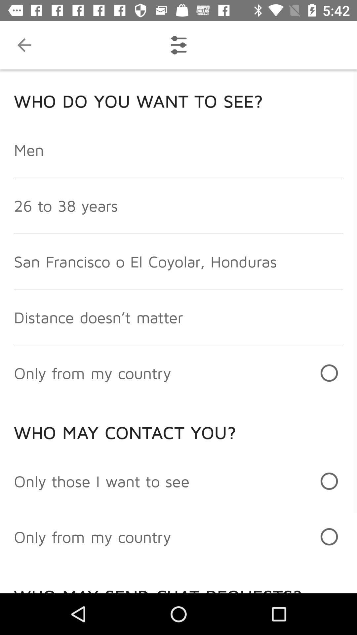 The width and height of the screenshot is (357, 635). I want to click on men, so click(28, 149).